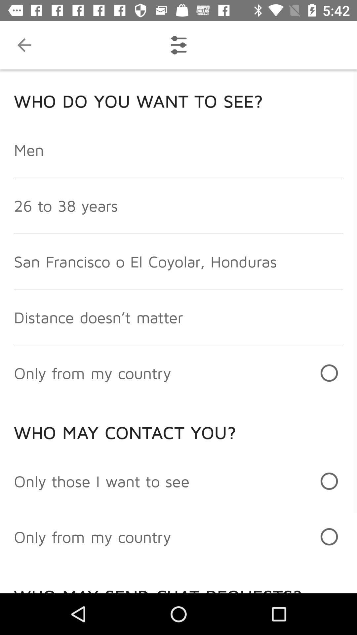 The width and height of the screenshot is (357, 635). I want to click on men, so click(28, 149).